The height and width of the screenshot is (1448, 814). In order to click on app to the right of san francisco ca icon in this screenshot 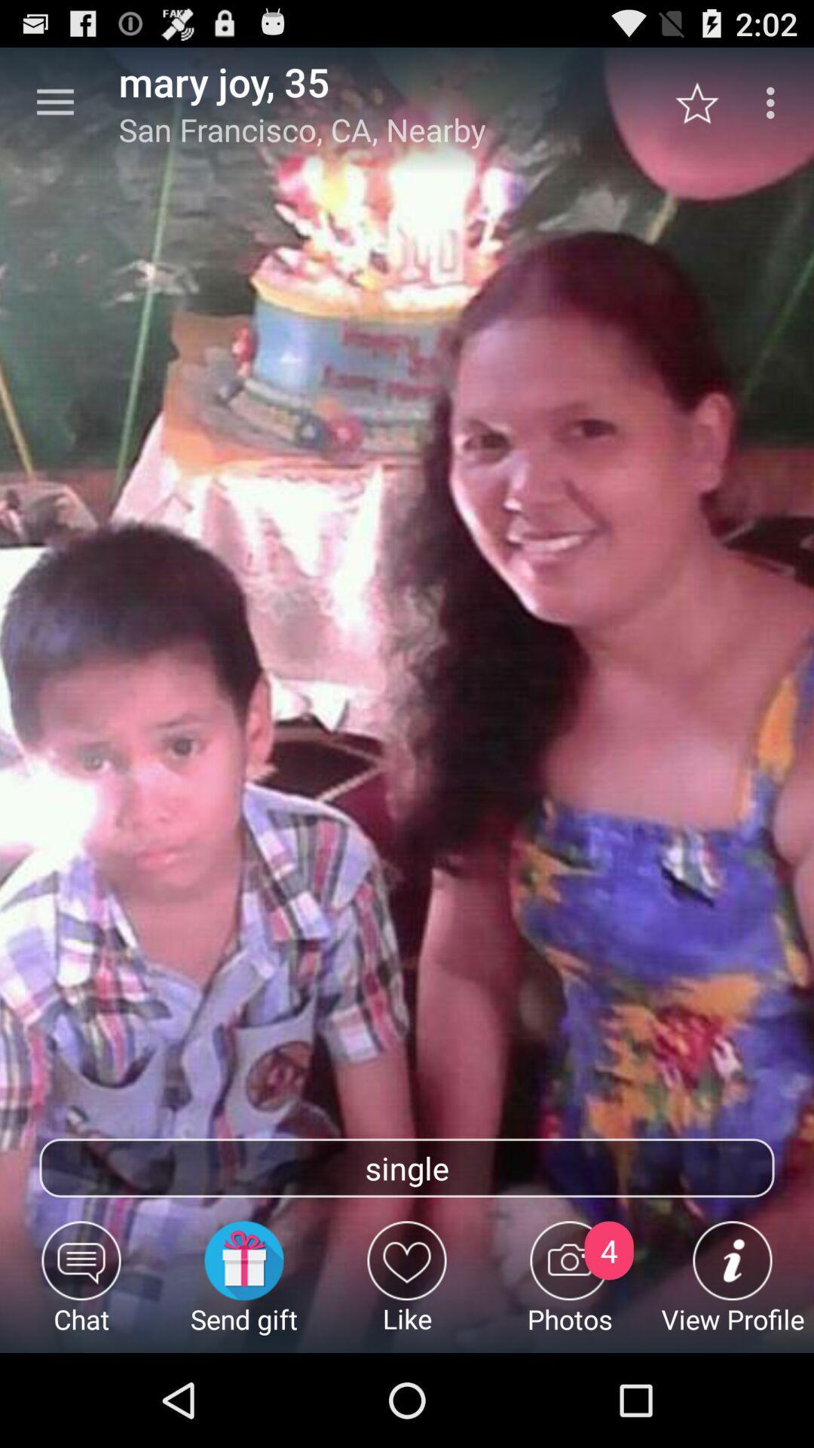, I will do `click(705, 102)`.